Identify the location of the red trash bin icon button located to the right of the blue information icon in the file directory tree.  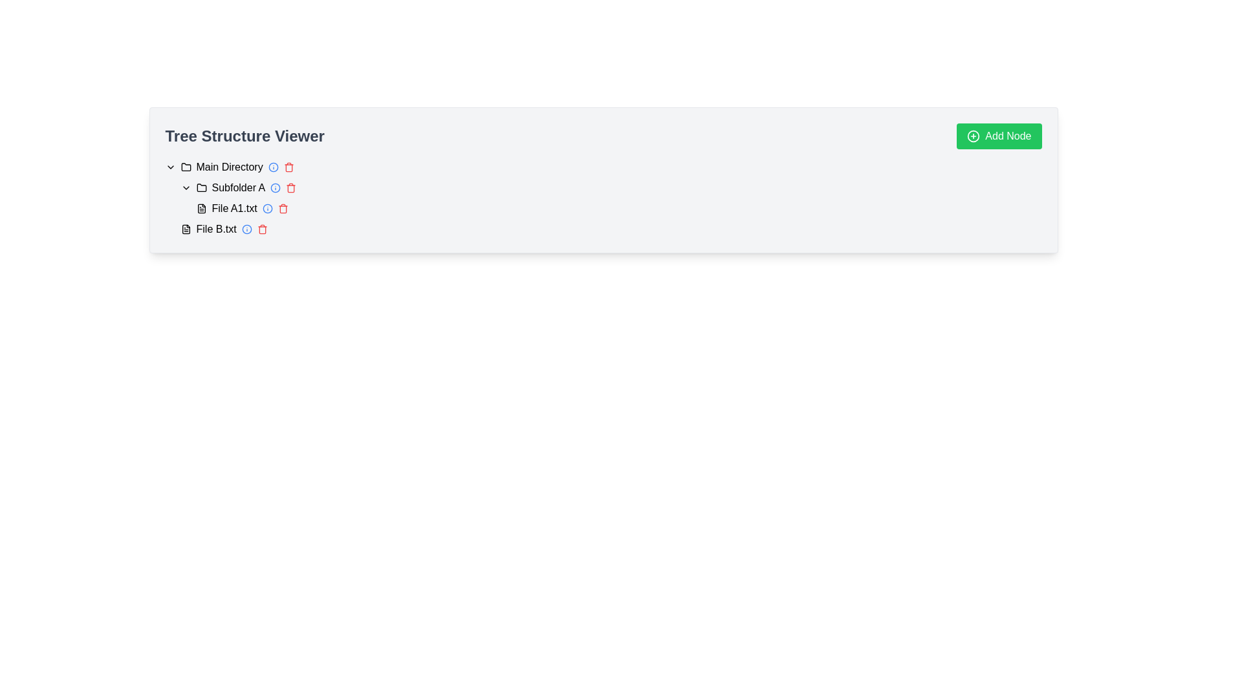
(290, 187).